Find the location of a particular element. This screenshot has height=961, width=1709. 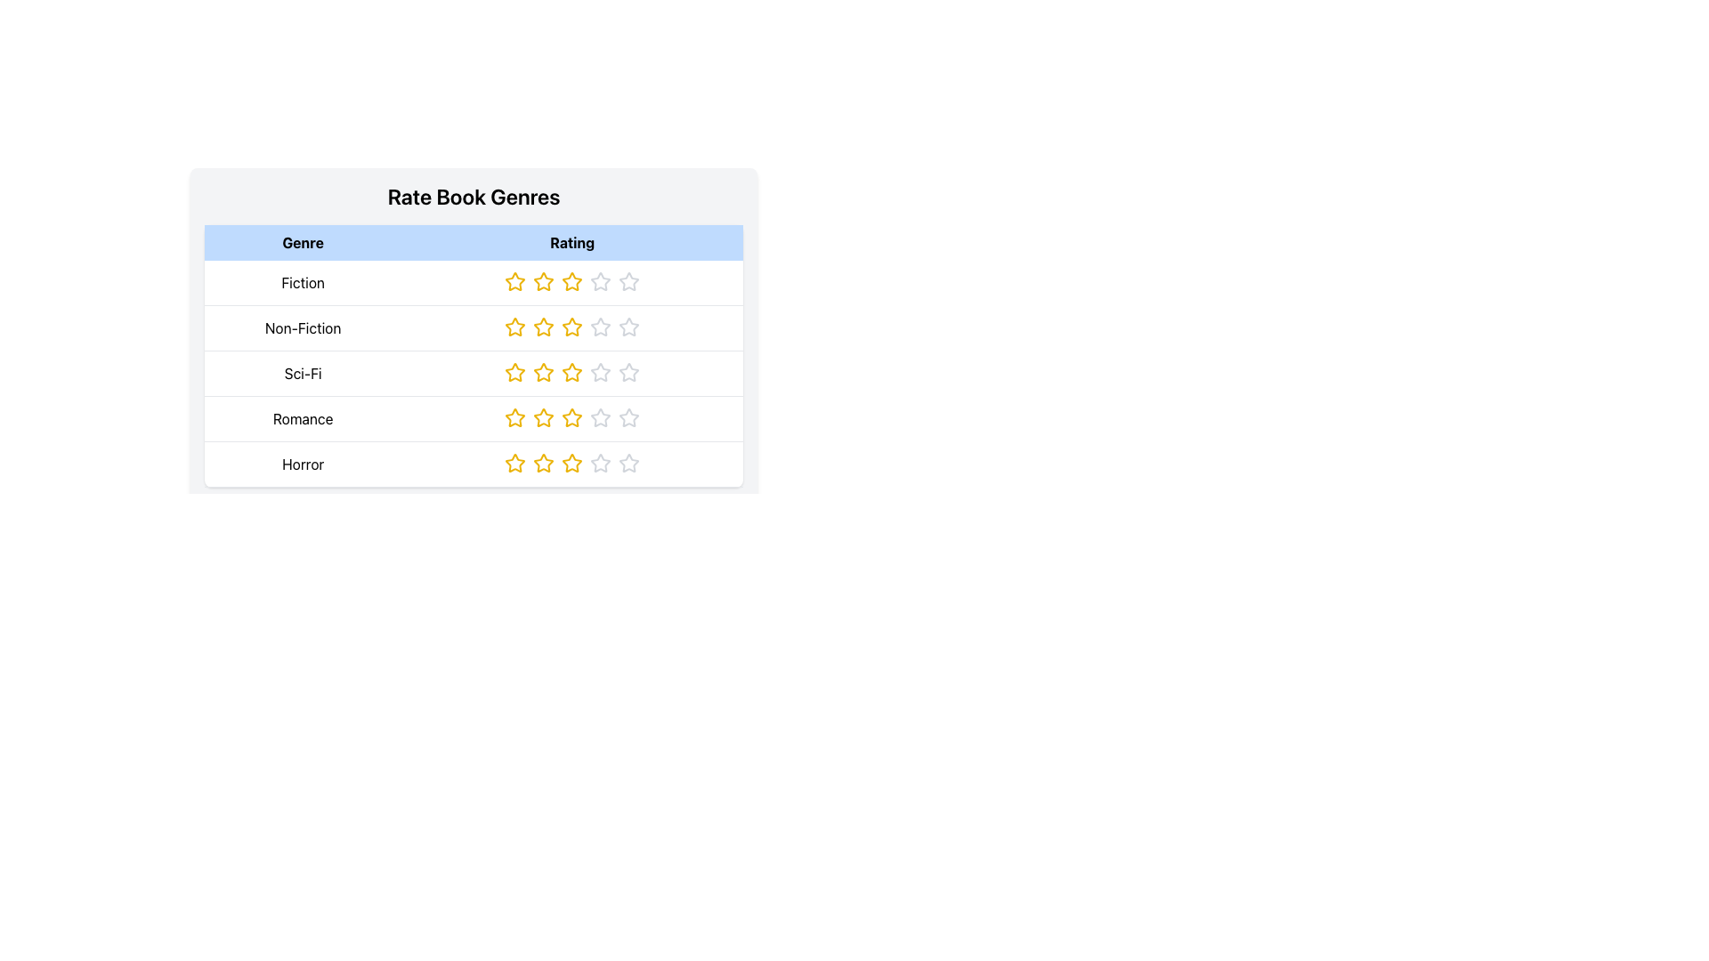

the second star is located at coordinates (514, 417).